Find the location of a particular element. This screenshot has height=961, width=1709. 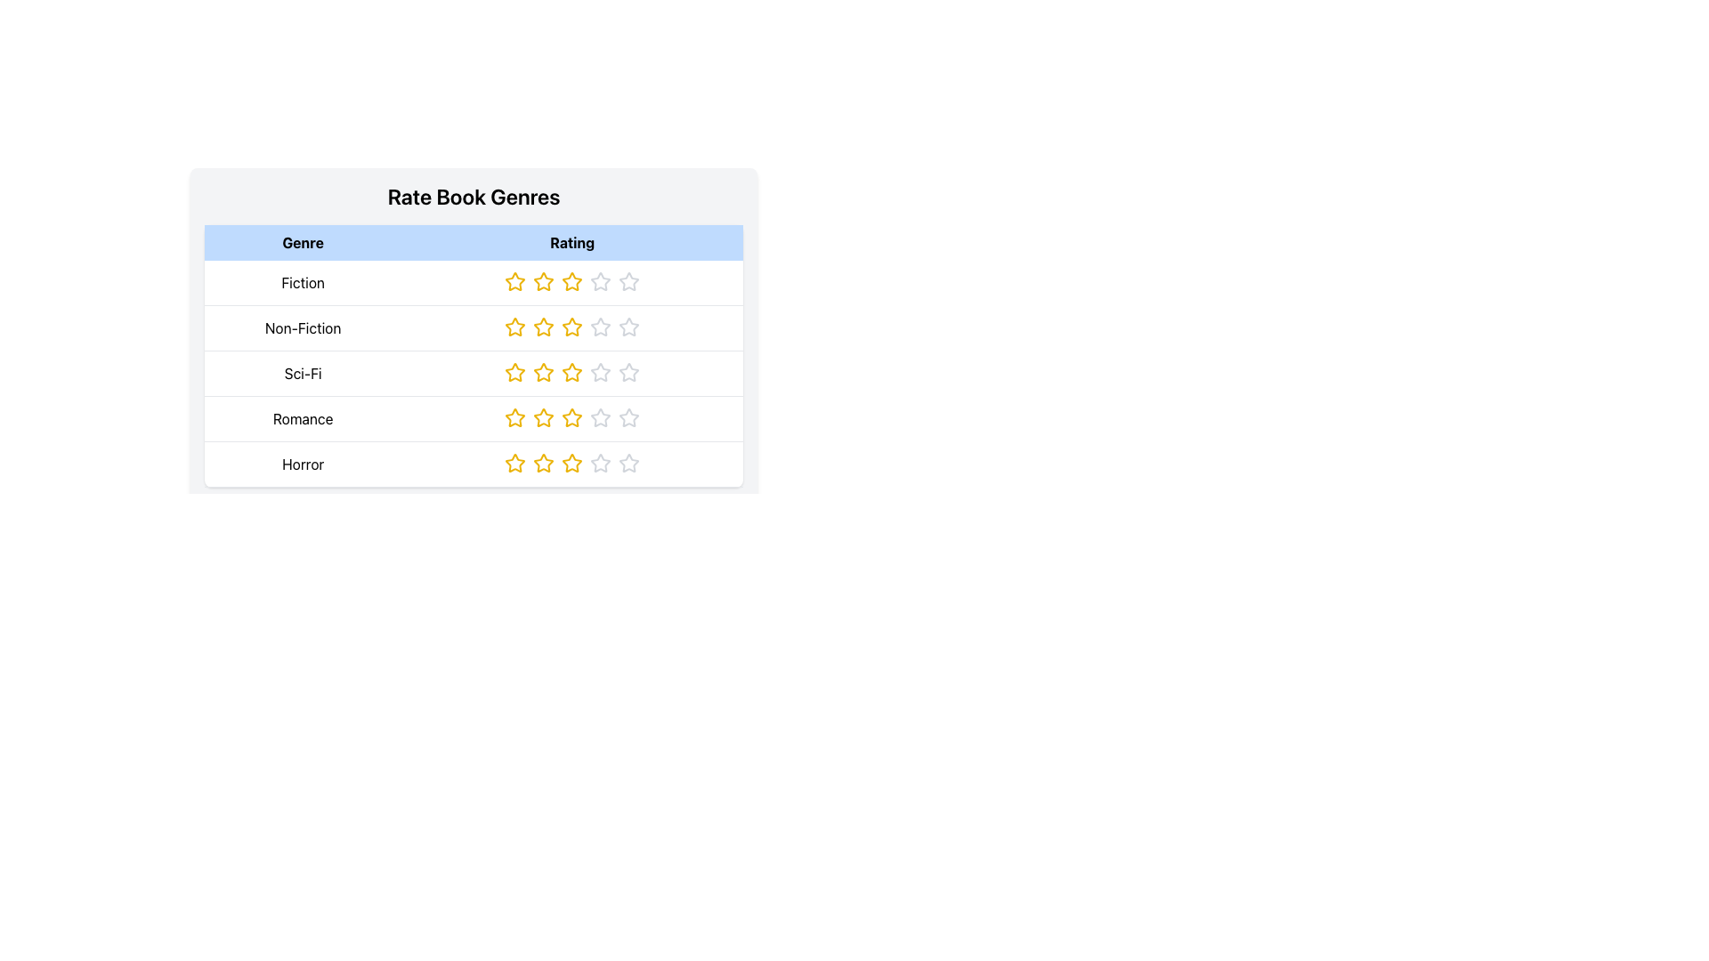

the second star is located at coordinates (514, 417).